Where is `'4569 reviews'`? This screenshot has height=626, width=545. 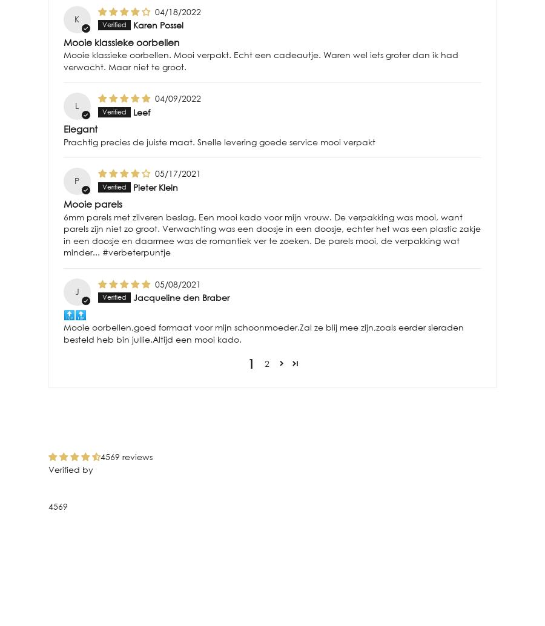 '4569 reviews' is located at coordinates (126, 456).